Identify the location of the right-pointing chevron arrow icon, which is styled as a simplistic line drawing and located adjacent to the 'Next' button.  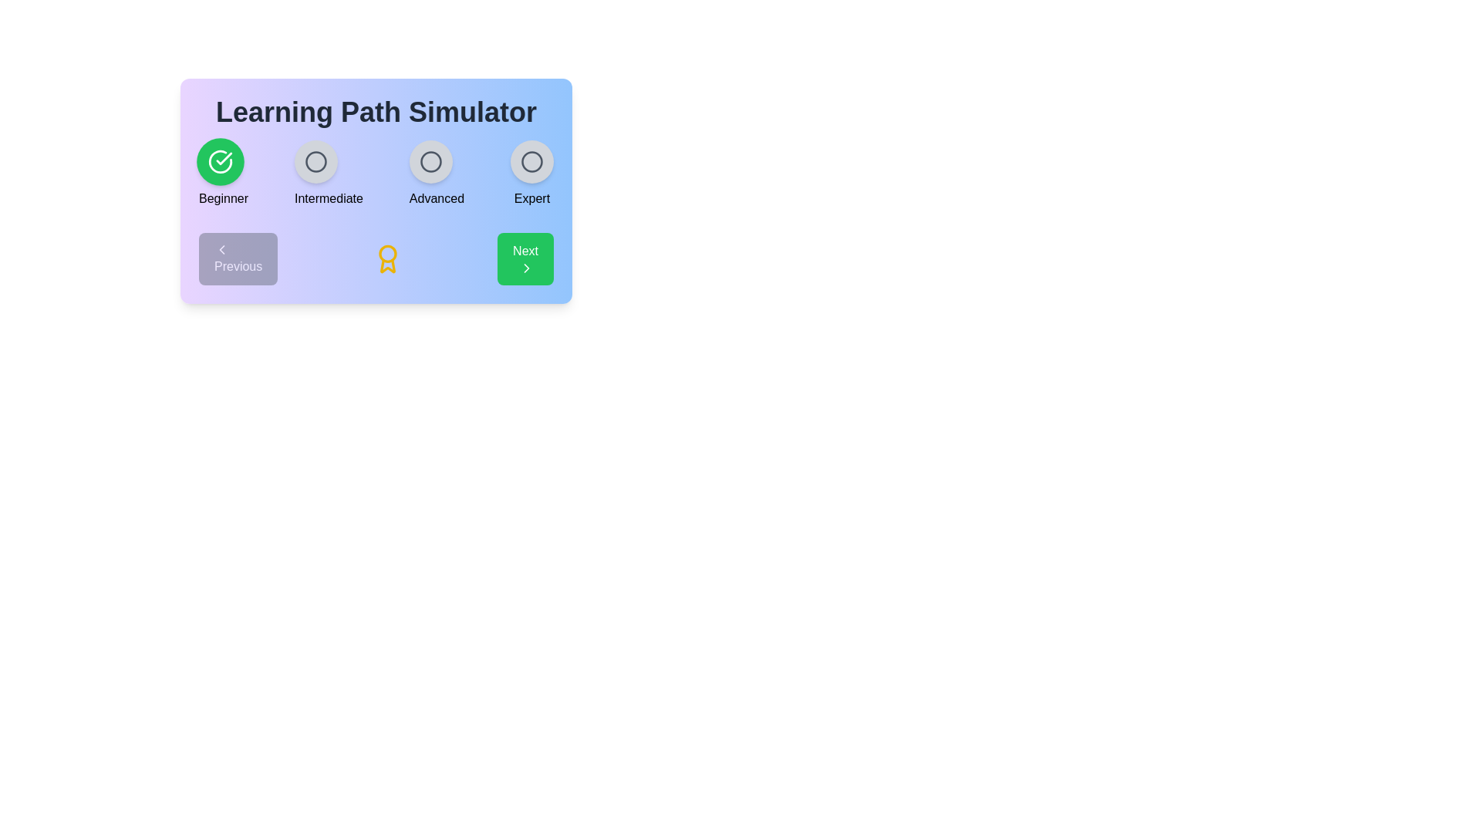
(527, 267).